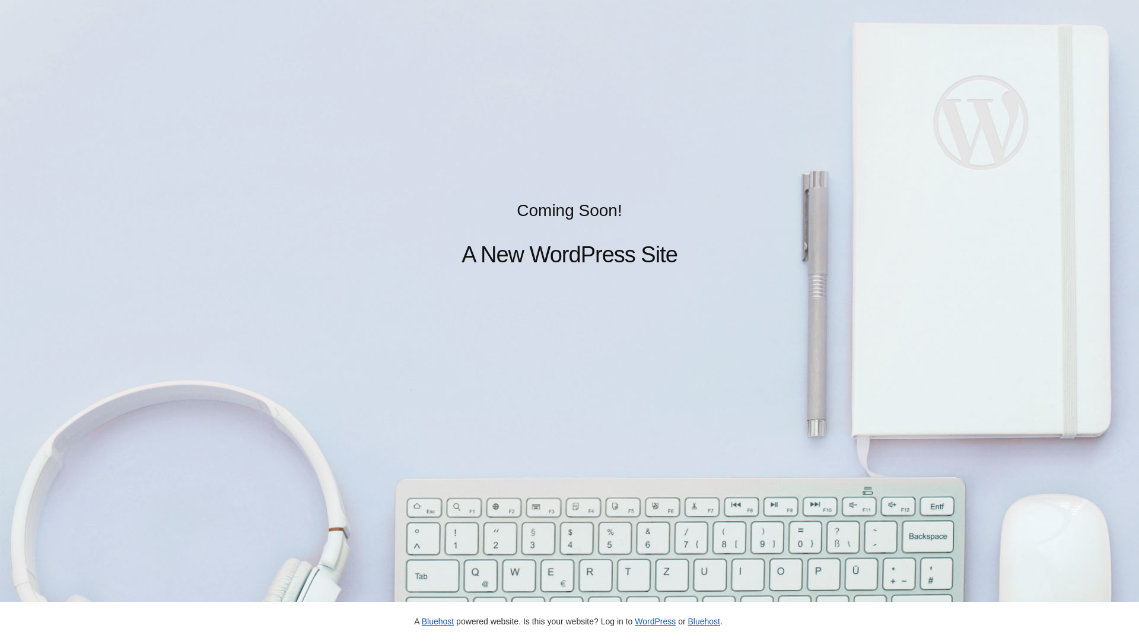 This screenshot has height=641, width=1139. What do you see at coordinates (654, 620) in the screenshot?
I see `'WordPress'` at bounding box center [654, 620].